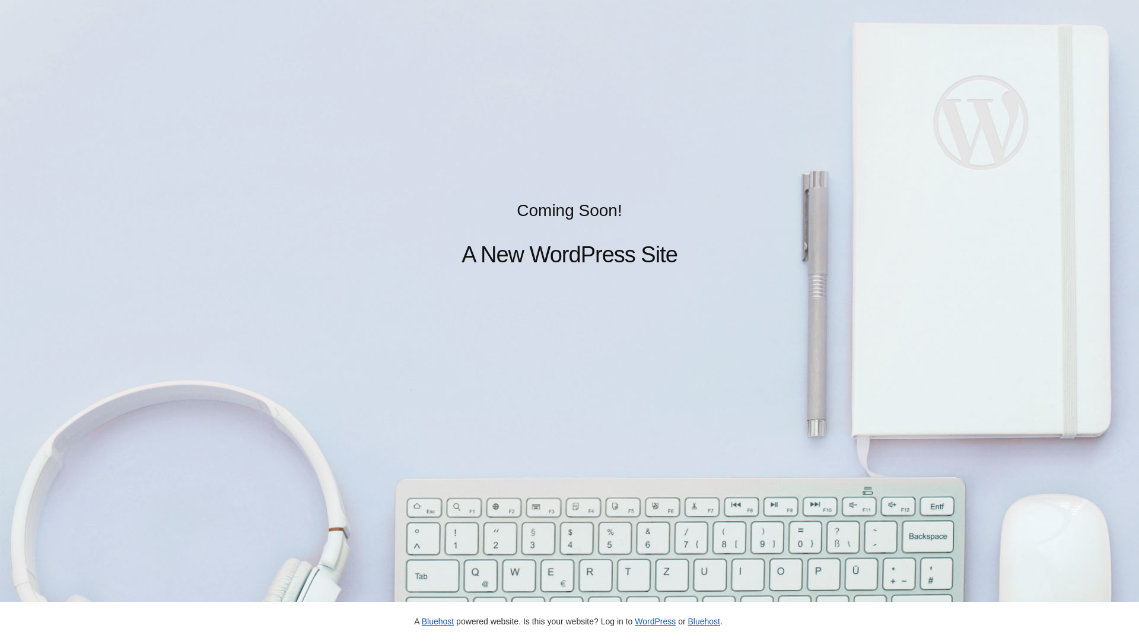 This screenshot has height=641, width=1139. What do you see at coordinates (654, 620) in the screenshot?
I see `'WordPress'` at bounding box center [654, 620].